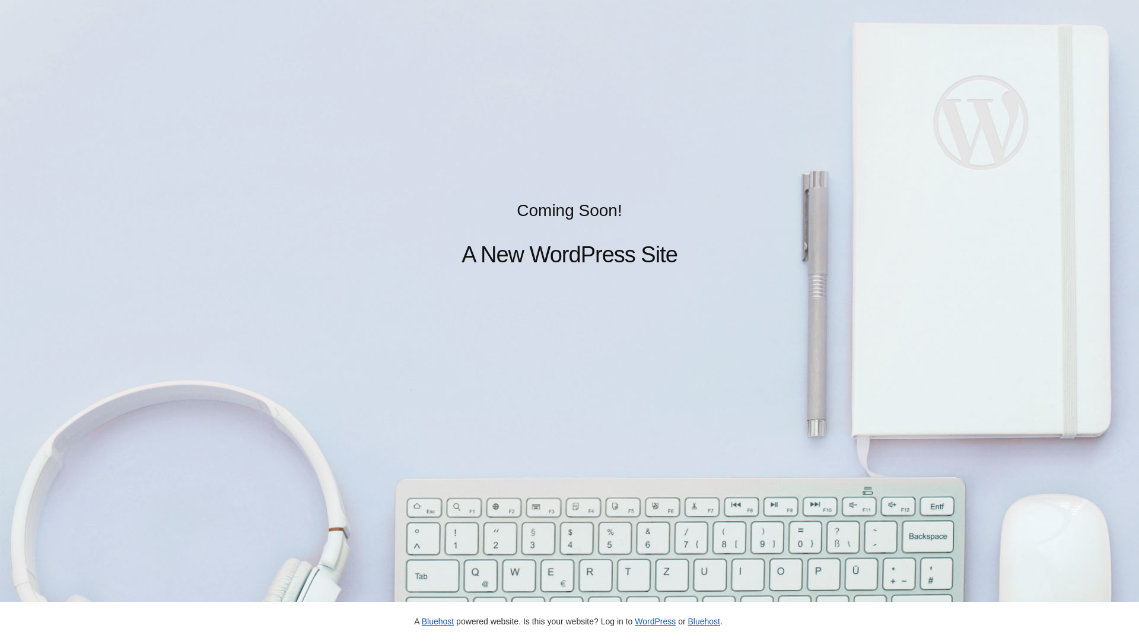 This screenshot has height=641, width=1139. What do you see at coordinates (654, 620) in the screenshot?
I see `'WordPress'` at bounding box center [654, 620].